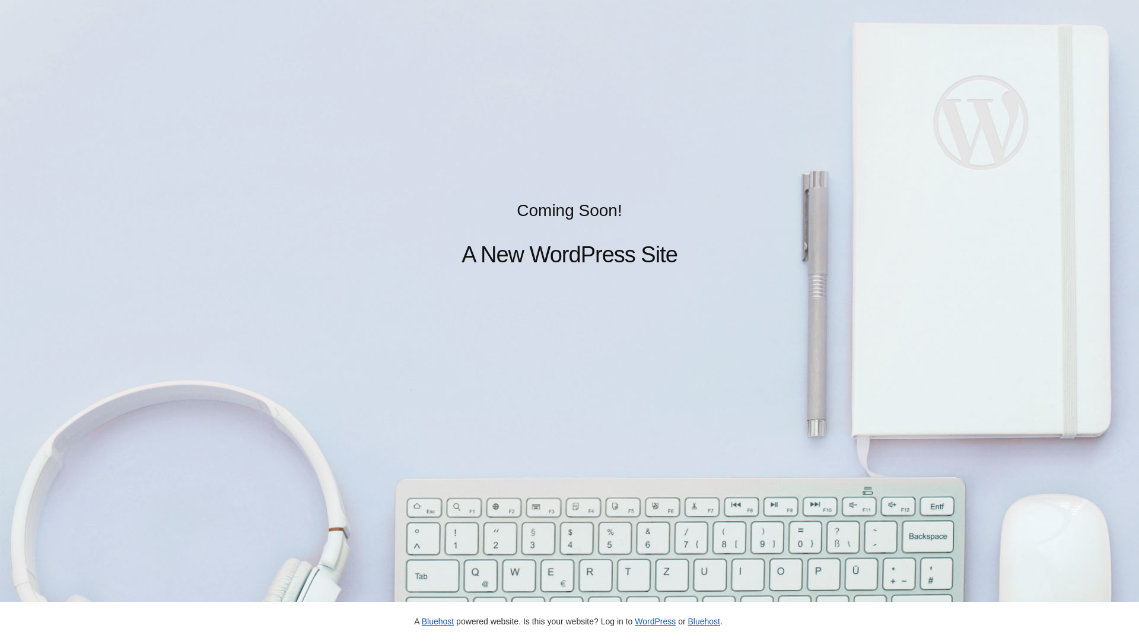 This screenshot has height=641, width=1139. What do you see at coordinates (654, 620) in the screenshot?
I see `'WordPress'` at bounding box center [654, 620].